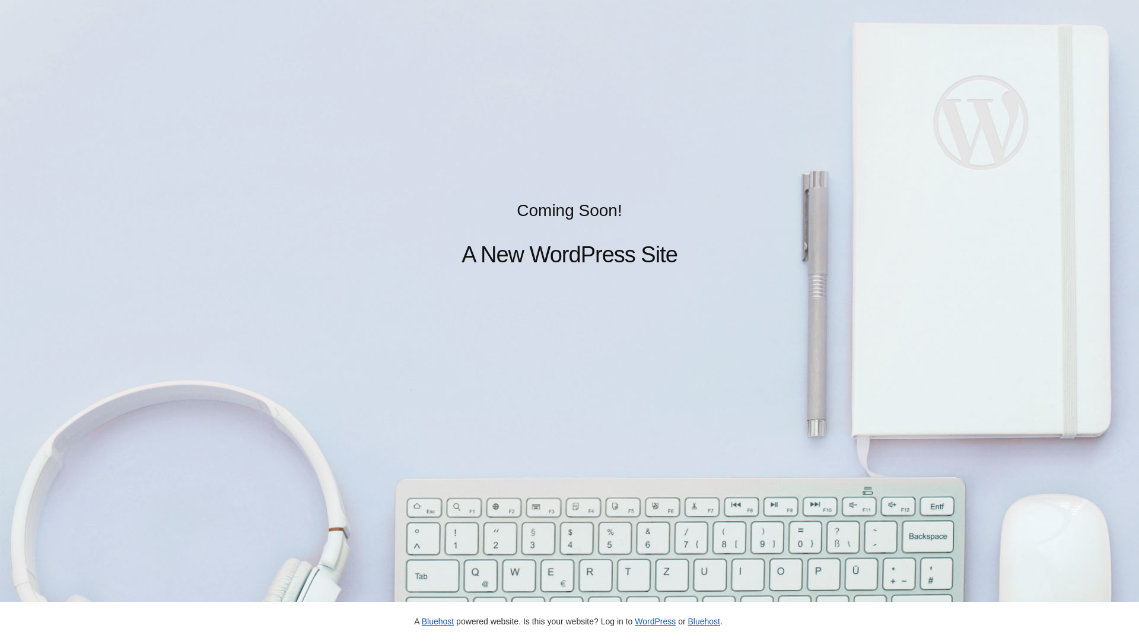 This screenshot has height=641, width=1139. What do you see at coordinates (654, 620) in the screenshot?
I see `'WordPress'` at bounding box center [654, 620].